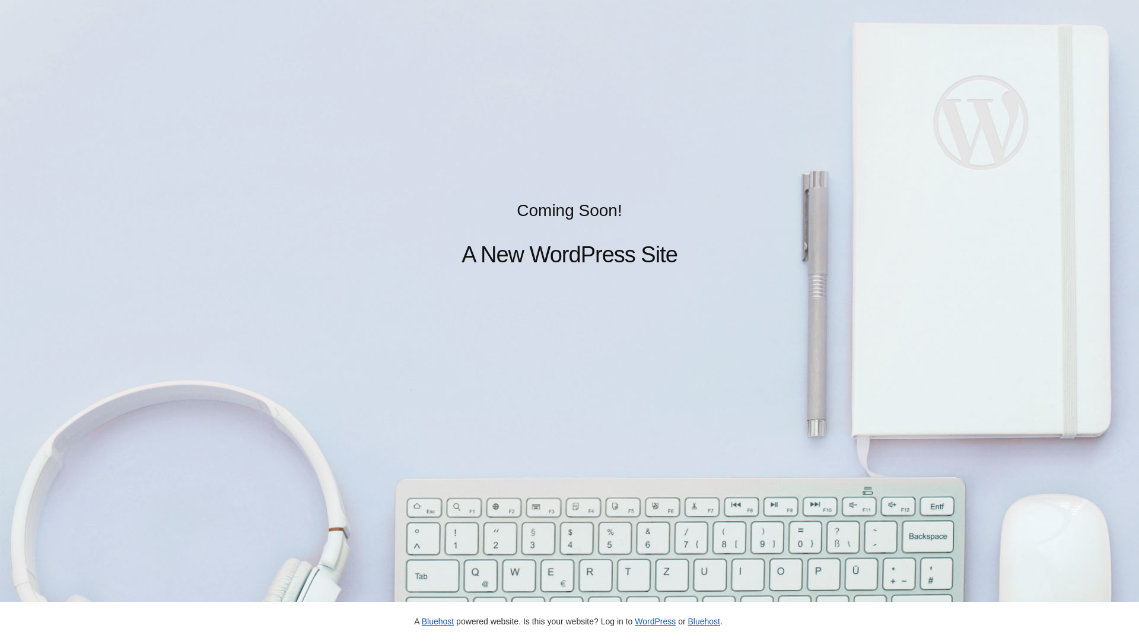 This screenshot has height=641, width=1139. What do you see at coordinates (654, 620) in the screenshot?
I see `'WordPress'` at bounding box center [654, 620].